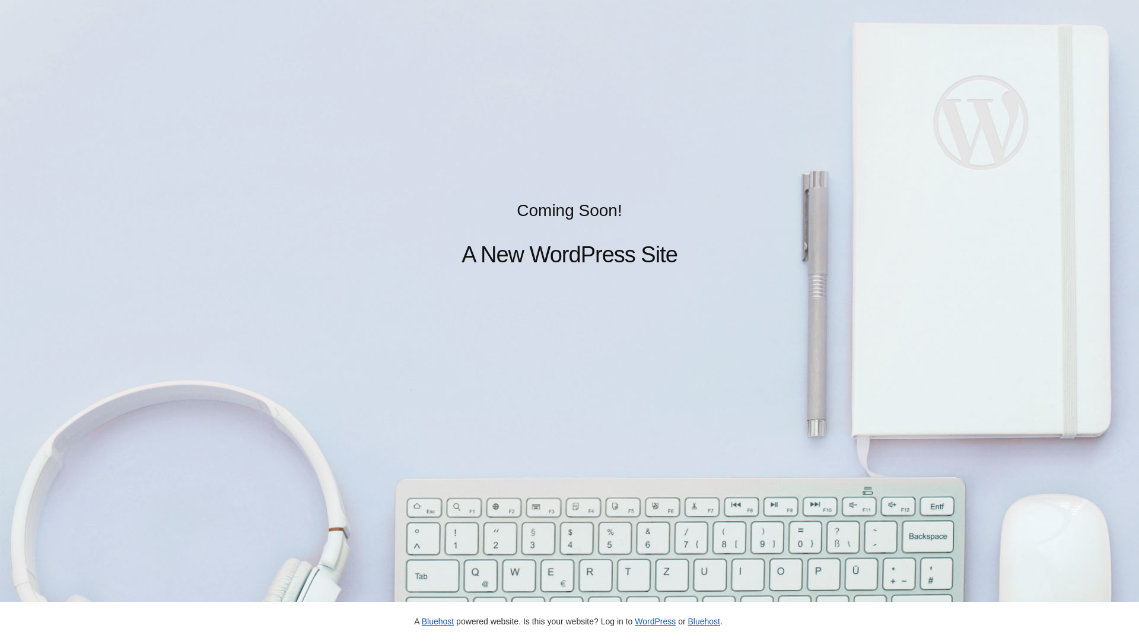 This screenshot has height=641, width=1139. What do you see at coordinates (654, 620) in the screenshot?
I see `'WordPress'` at bounding box center [654, 620].